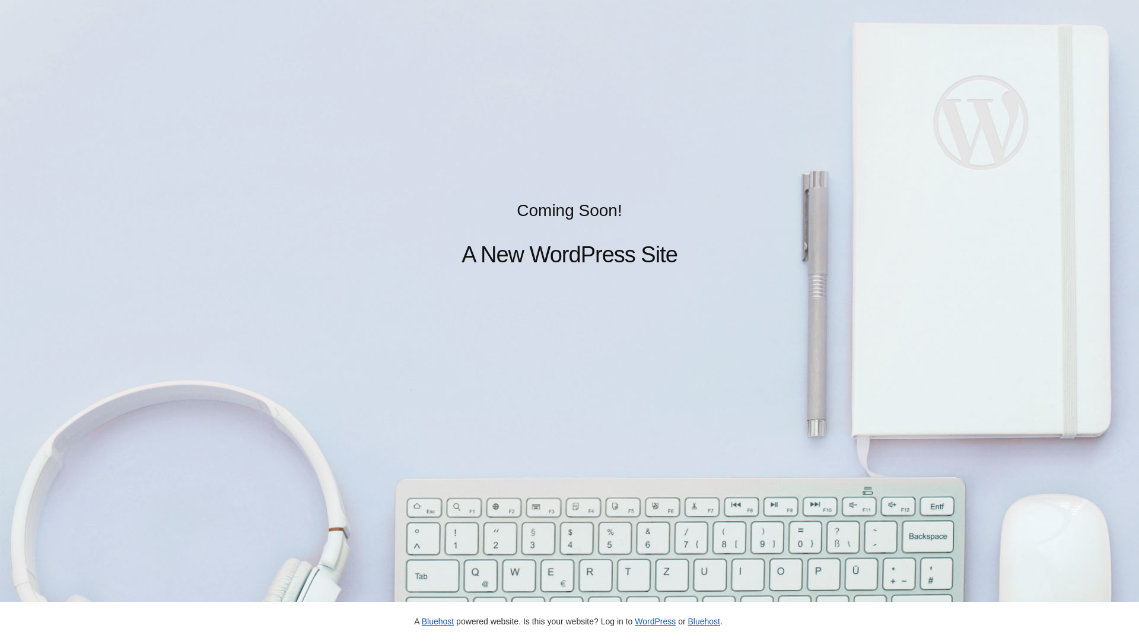 This screenshot has height=641, width=1139. What do you see at coordinates (654, 620) in the screenshot?
I see `'WordPress'` at bounding box center [654, 620].